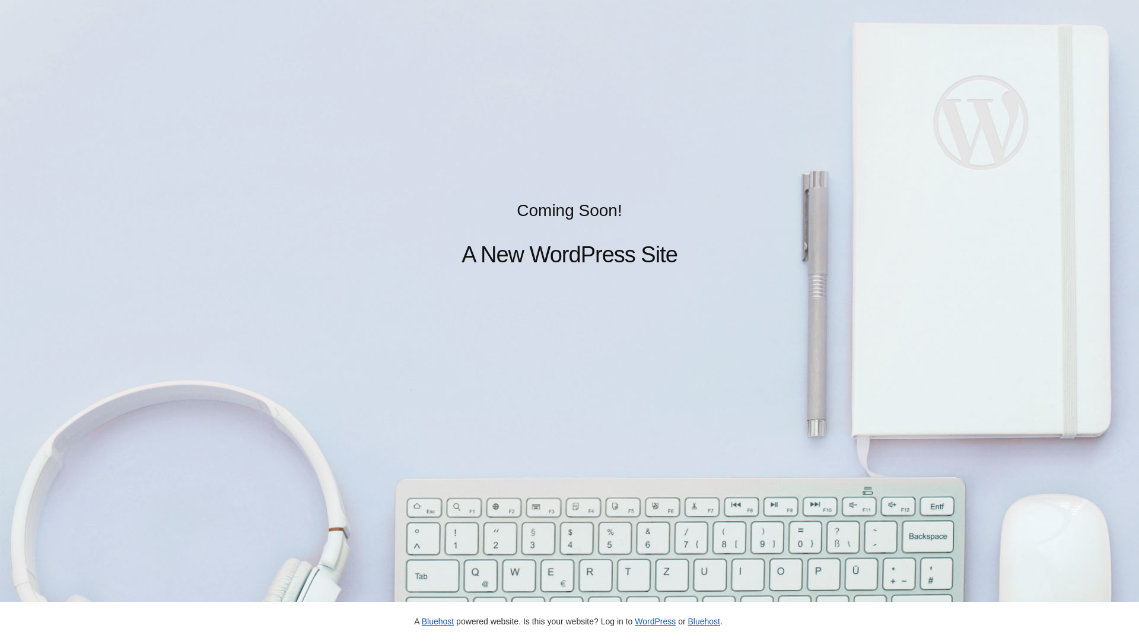 This screenshot has height=641, width=1139. What do you see at coordinates (654, 620) in the screenshot?
I see `'WordPress'` at bounding box center [654, 620].